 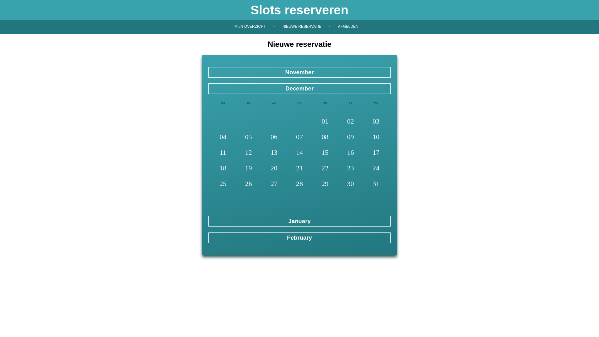 What do you see at coordinates (350, 184) in the screenshot?
I see `'30'` at bounding box center [350, 184].